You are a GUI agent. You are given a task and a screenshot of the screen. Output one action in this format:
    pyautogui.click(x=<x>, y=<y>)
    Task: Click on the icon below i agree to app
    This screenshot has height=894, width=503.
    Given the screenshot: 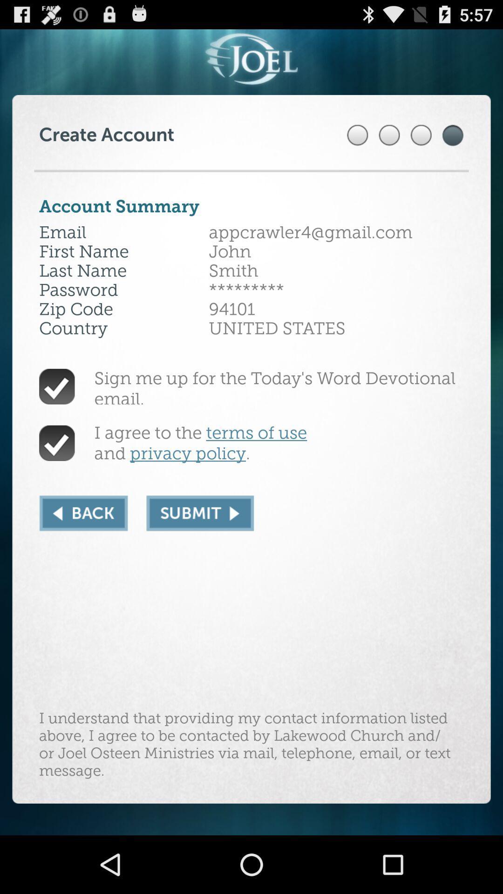 What is the action you would take?
    pyautogui.click(x=199, y=513)
    